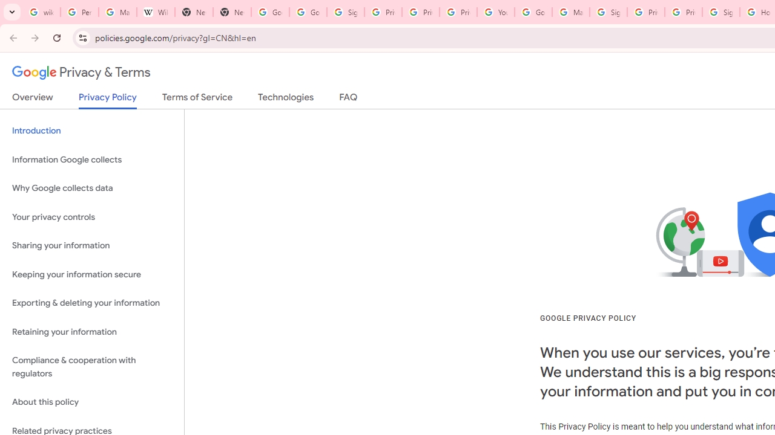 The height and width of the screenshot is (435, 775). Describe the element at coordinates (194, 12) in the screenshot. I see `'New Tab'` at that location.